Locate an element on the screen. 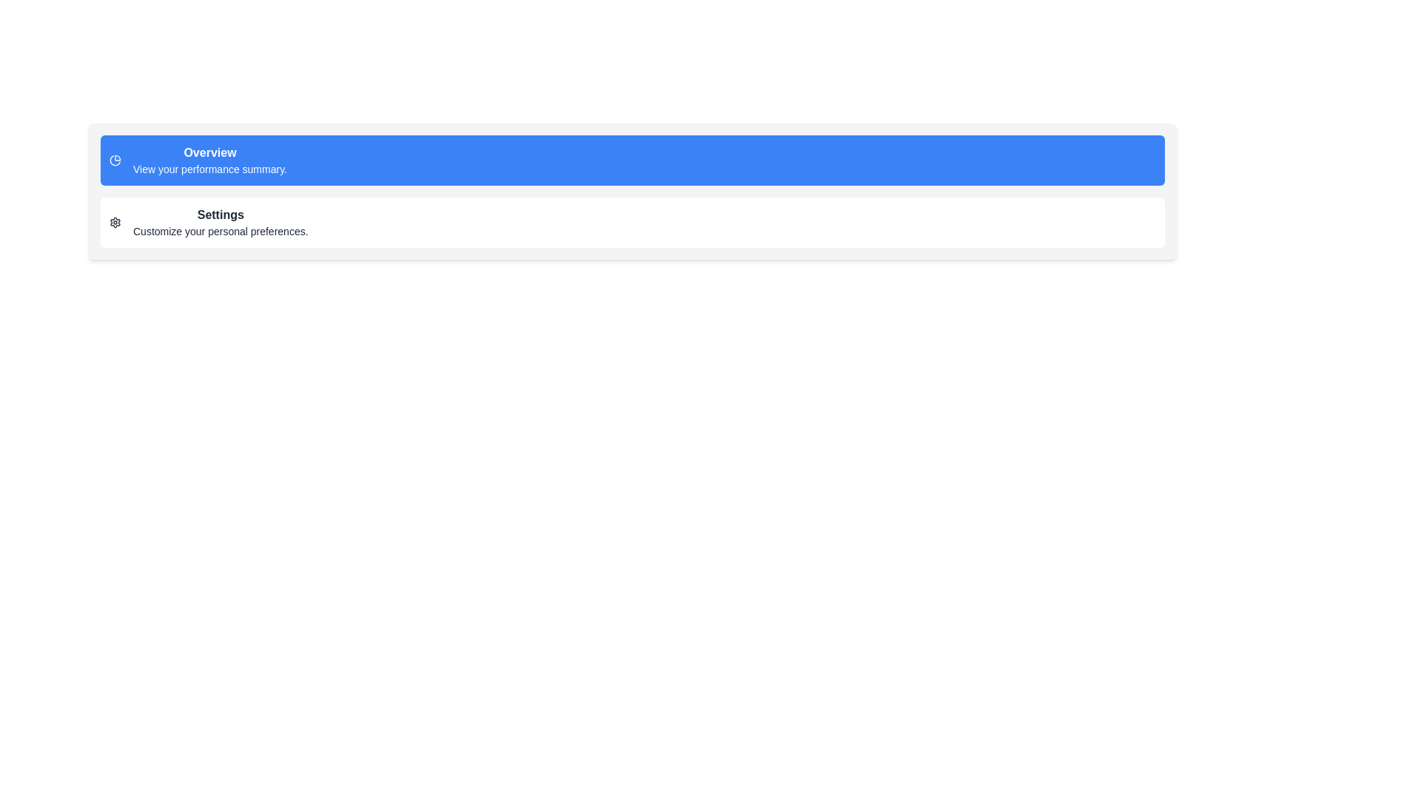 The height and width of the screenshot is (799, 1421). the top button in the vertical stack that leads to a performance data summary is located at coordinates (632, 160).